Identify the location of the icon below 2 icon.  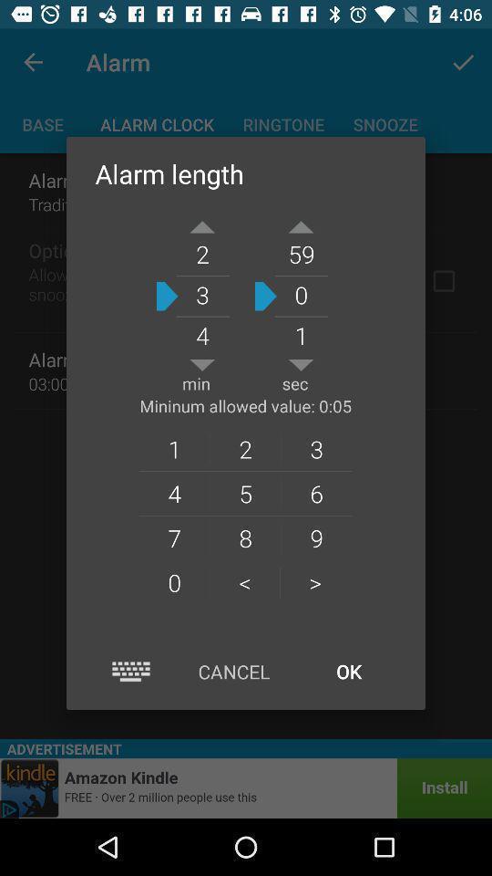
(315, 492).